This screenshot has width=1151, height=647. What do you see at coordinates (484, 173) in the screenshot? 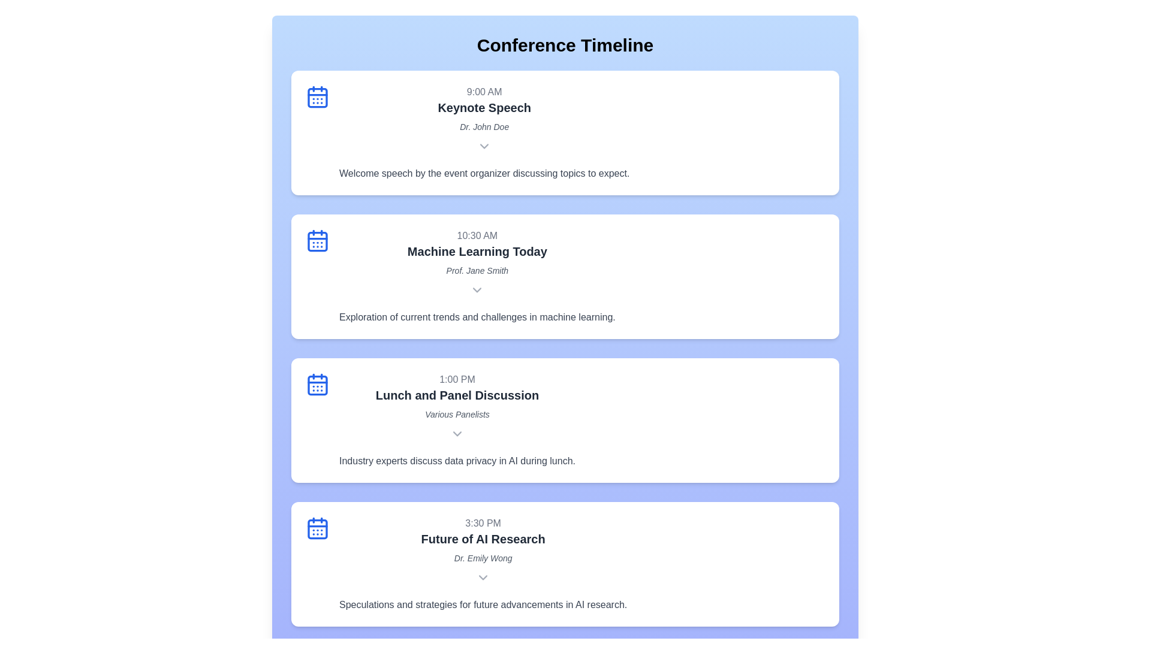
I see `the text element that describes the keynote speech, located at the bottom of the 'Keynote Speech' event card on the 'Conference Timeline' page` at bounding box center [484, 173].